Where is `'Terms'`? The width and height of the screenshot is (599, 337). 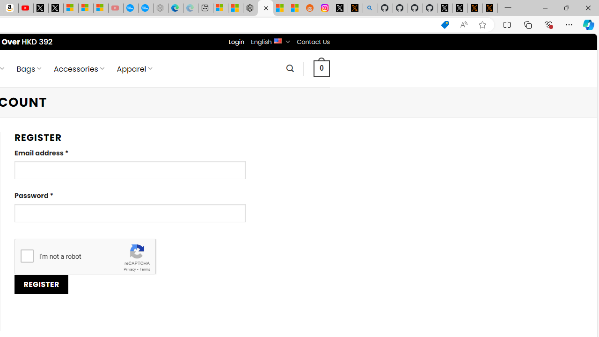
'Terms' is located at coordinates (144, 269).